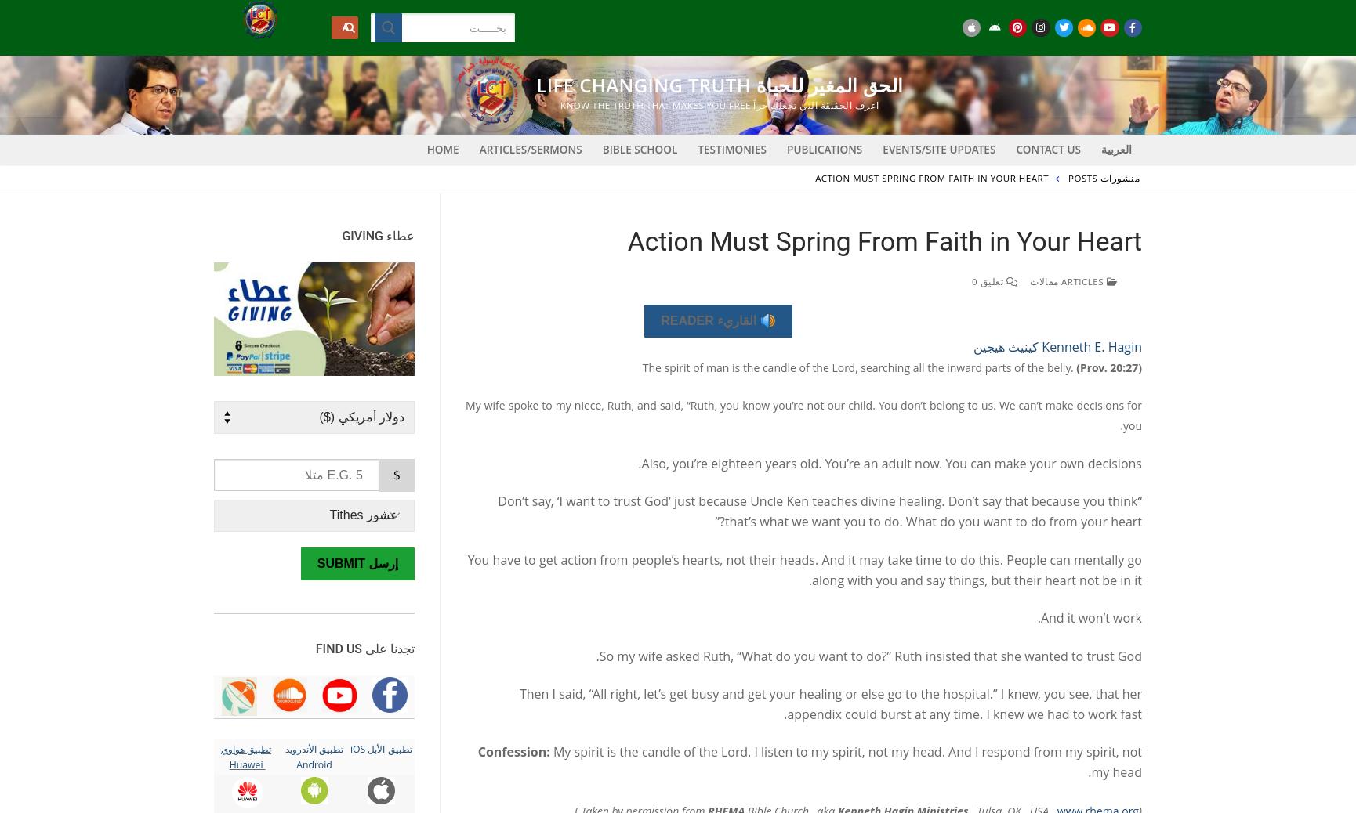  What do you see at coordinates (718, 320) in the screenshot?
I see `'🔊 القاريء Reader'` at bounding box center [718, 320].